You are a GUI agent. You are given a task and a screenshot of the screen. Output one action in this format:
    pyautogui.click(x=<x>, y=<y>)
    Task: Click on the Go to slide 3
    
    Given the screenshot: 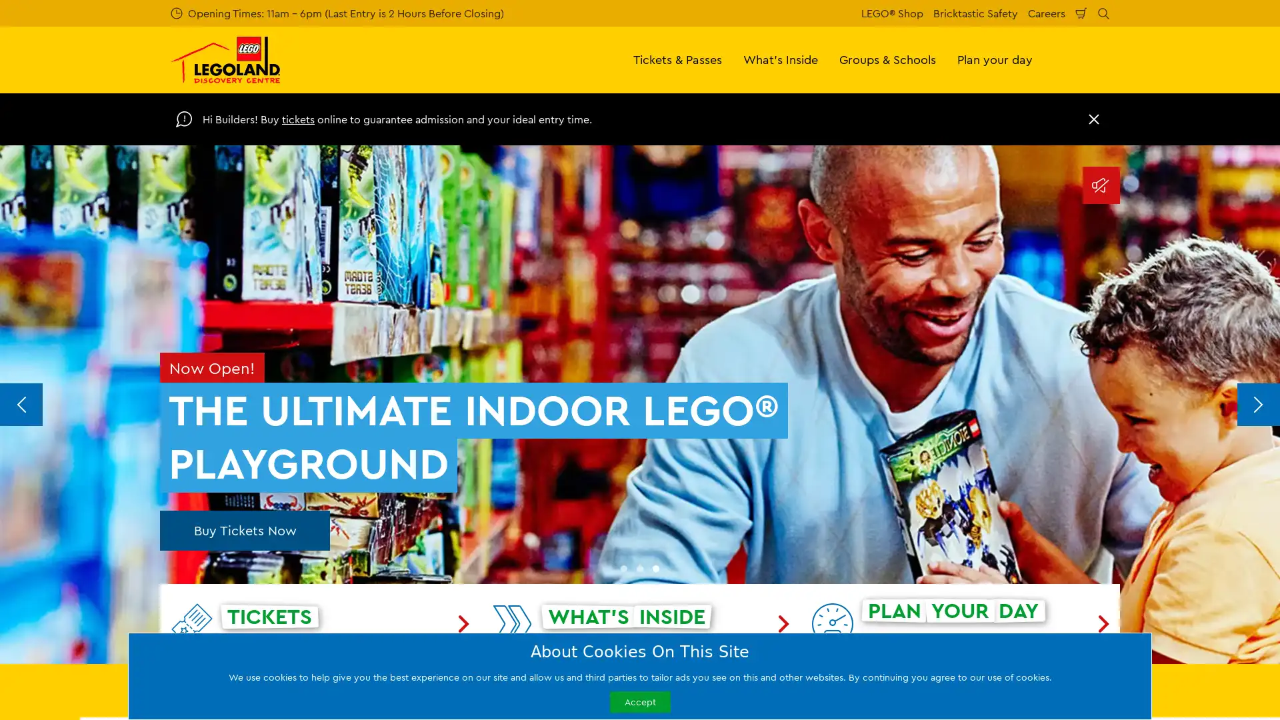 What is the action you would take?
    pyautogui.click(x=655, y=568)
    